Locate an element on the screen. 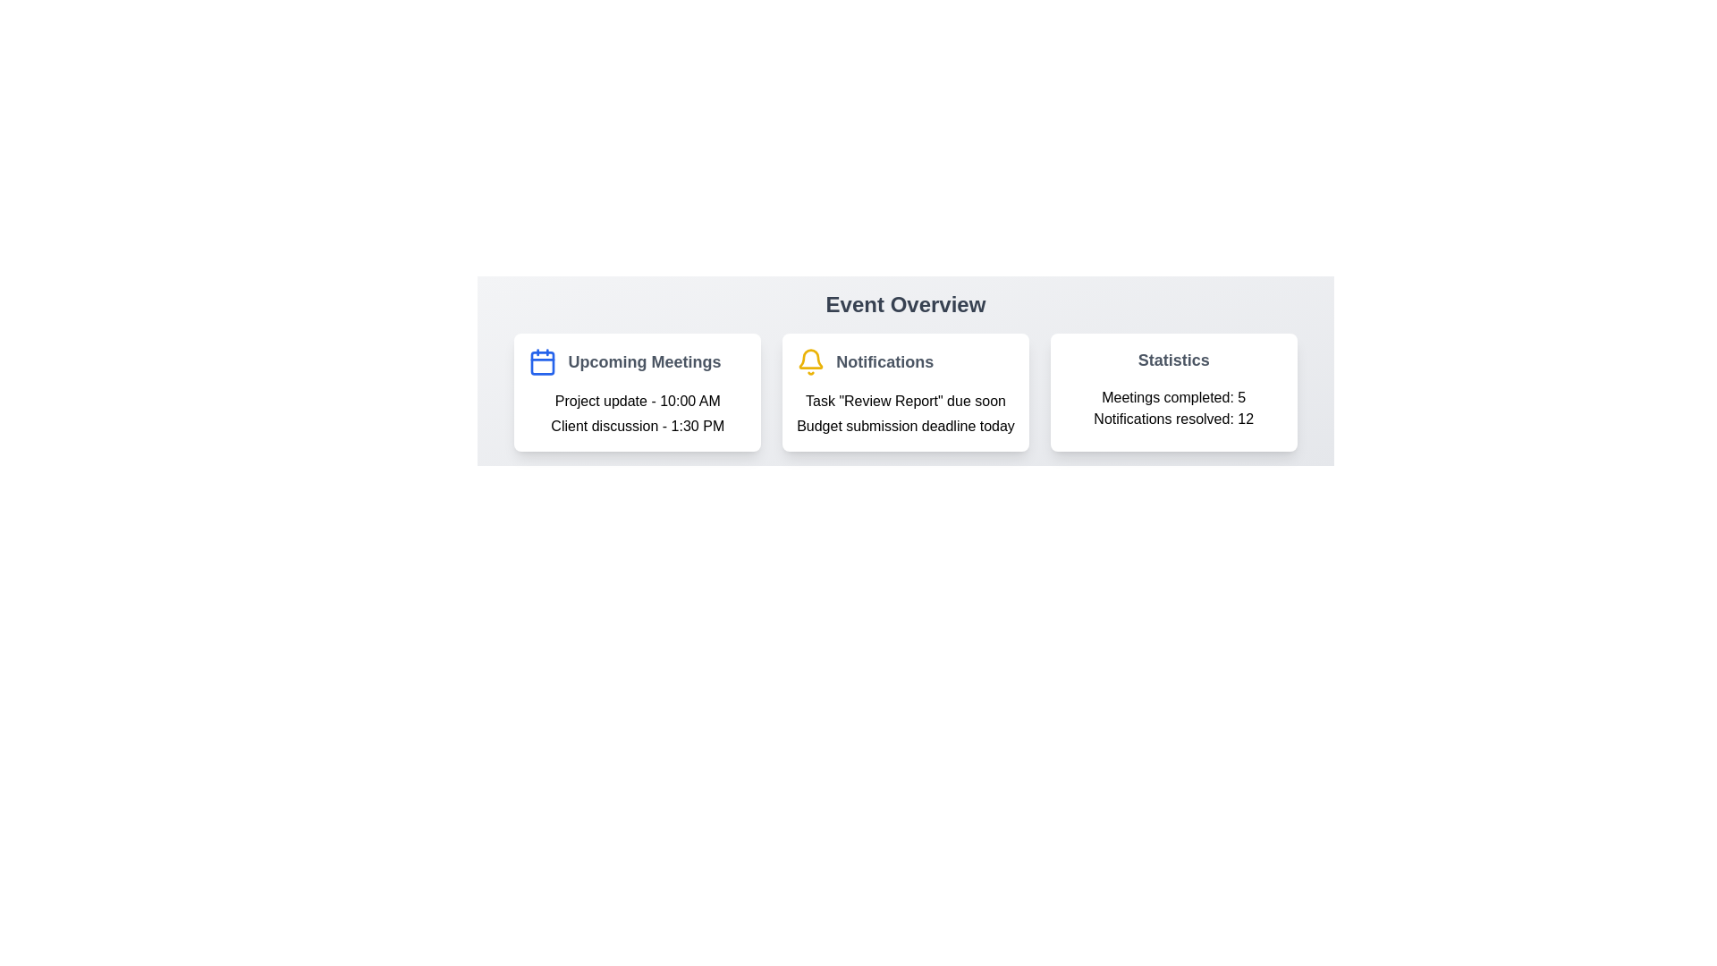 The height and width of the screenshot is (966, 1717). information displayed in the text block that says 'Task "Review Report" due soon,' and 'Budget submission deadline today.' This text block is located within the 'Notifications' card is located at coordinates (905, 413).